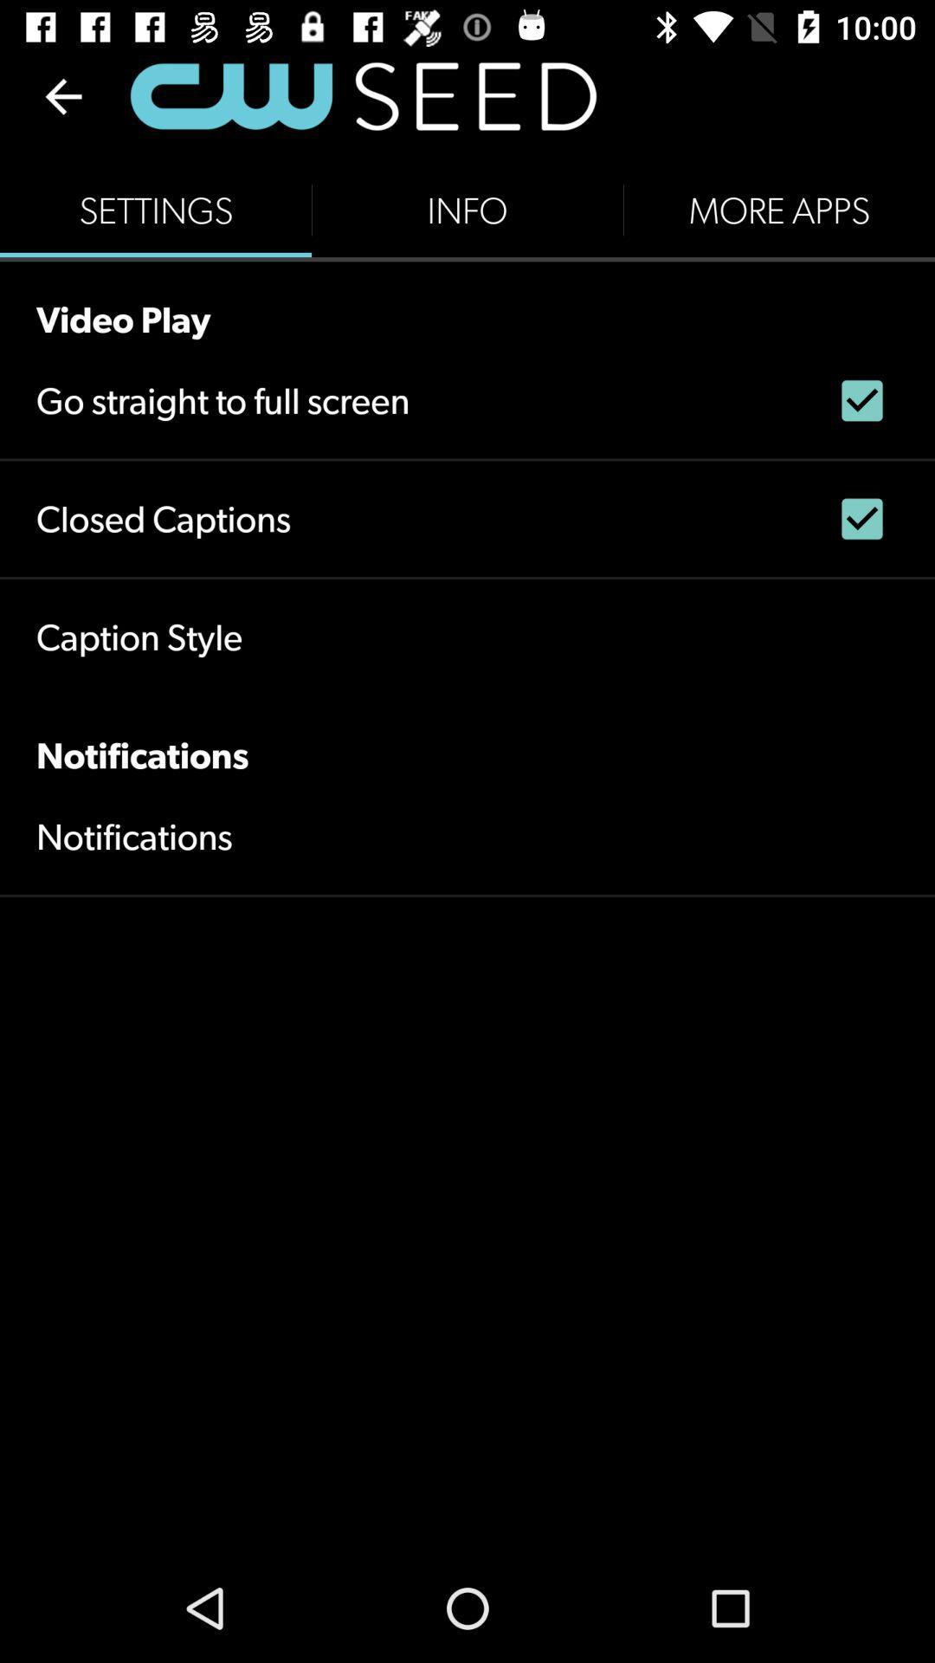 This screenshot has height=1663, width=935. What do you see at coordinates (222, 399) in the screenshot?
I see `go straight to icon` at bounding box center [222, 399].